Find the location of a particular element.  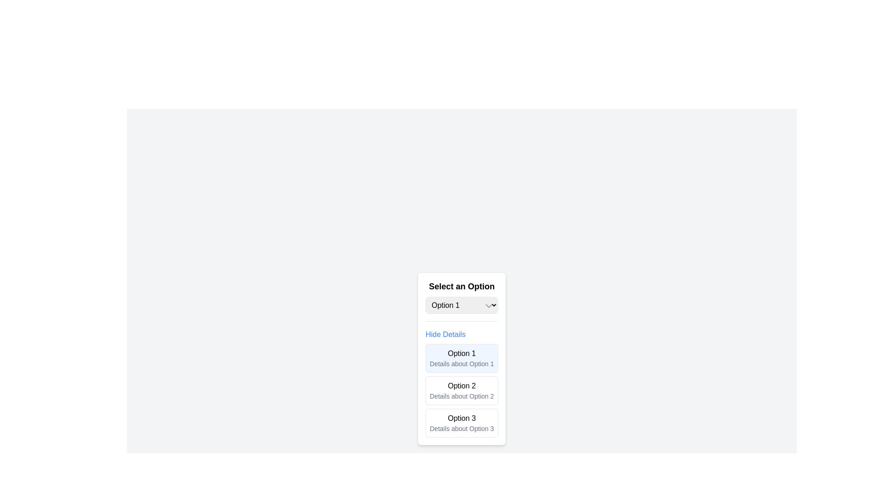

the first list item with a light blue background displaying 'Option 1' in bold and 'Details about Option 1' in gray, located below the 'Hide Details' link is located at coordinates (462, 358).